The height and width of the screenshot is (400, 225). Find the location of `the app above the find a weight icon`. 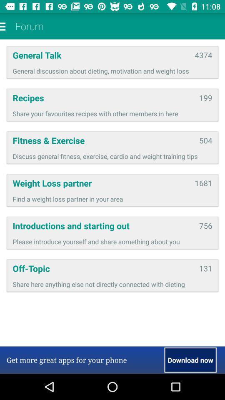

the app above the find a weight icon is located at coordinates (203, 183).